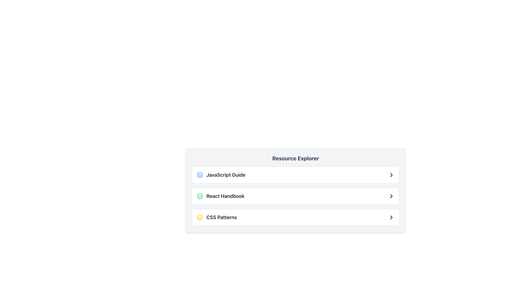 The image size is (523, 294). I want to click on the interactive list item labeled 'CSS Patterns', so click(295, 217).